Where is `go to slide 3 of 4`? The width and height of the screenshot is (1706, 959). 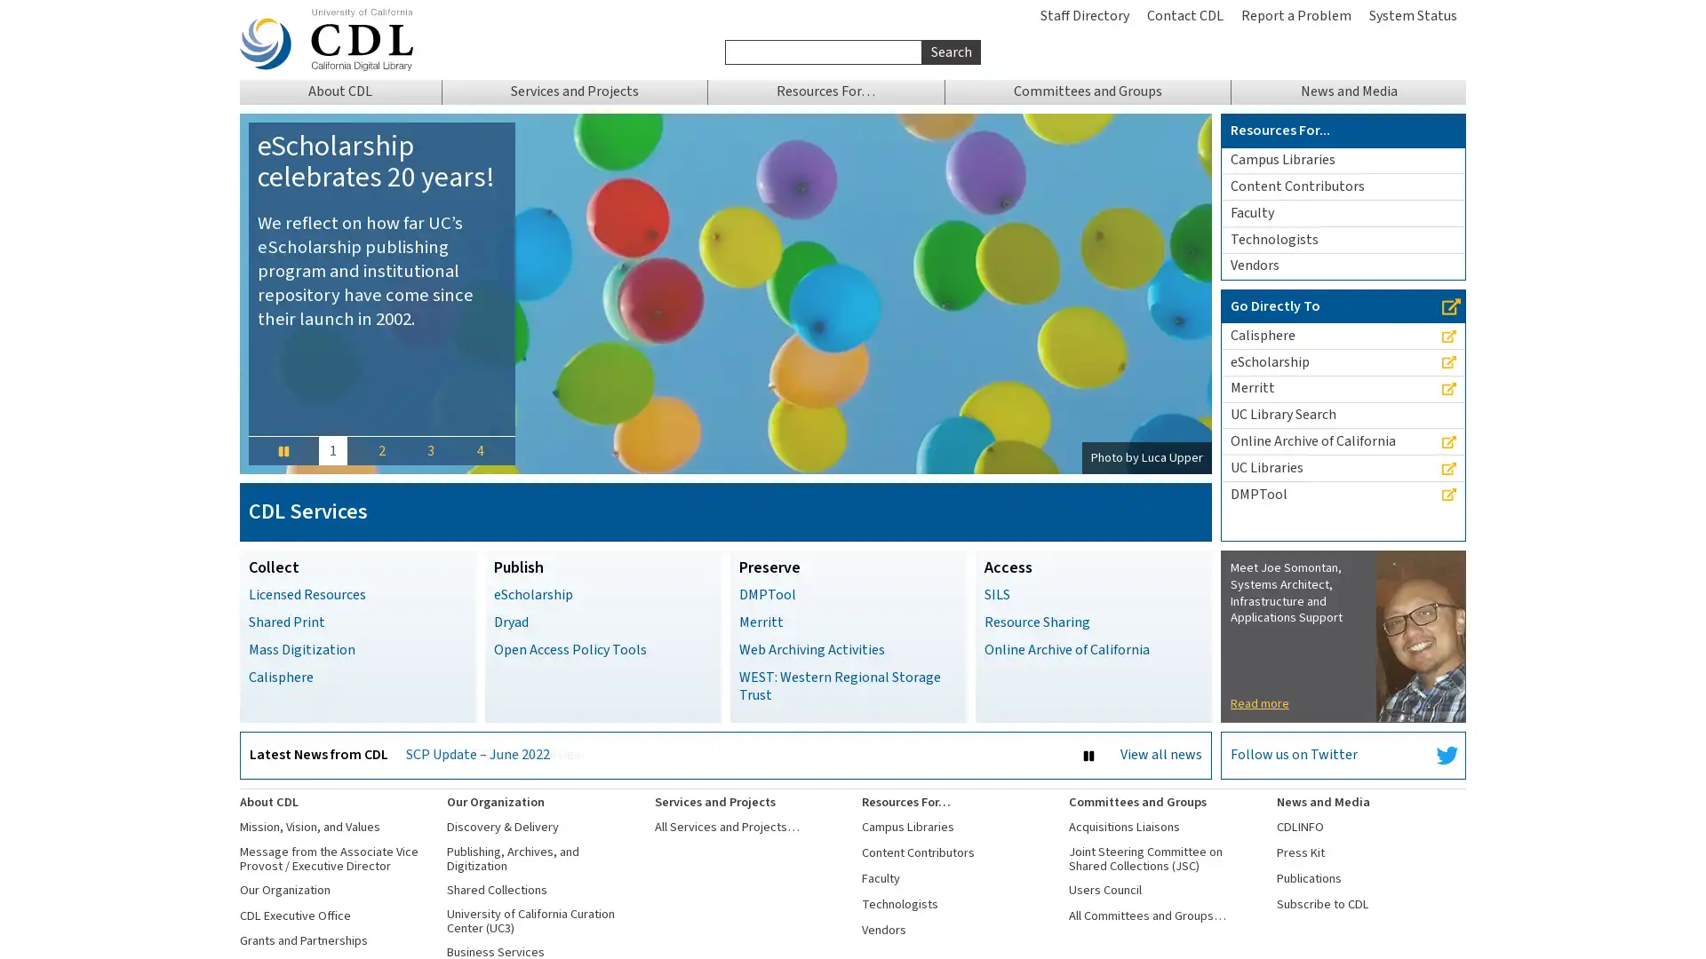 go to slide 3 of 4 is located at coordinates (430, 448).